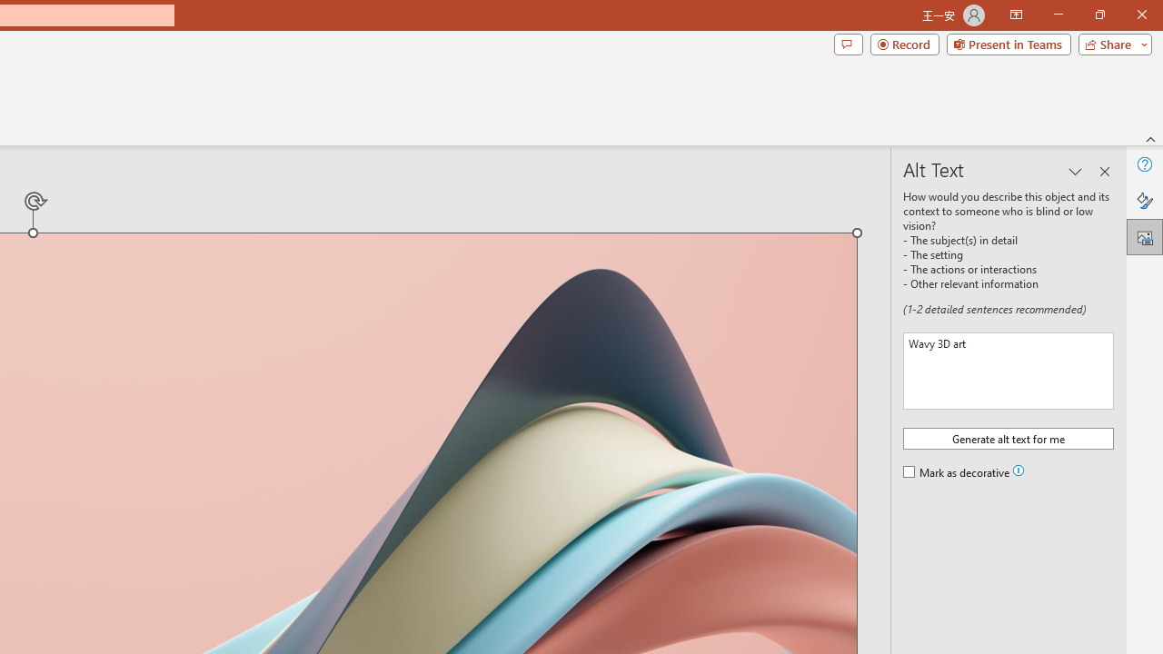 The height and width of the screenshot is (654, 1163). I want to click on 'Format Picture', so click(1144, 201).